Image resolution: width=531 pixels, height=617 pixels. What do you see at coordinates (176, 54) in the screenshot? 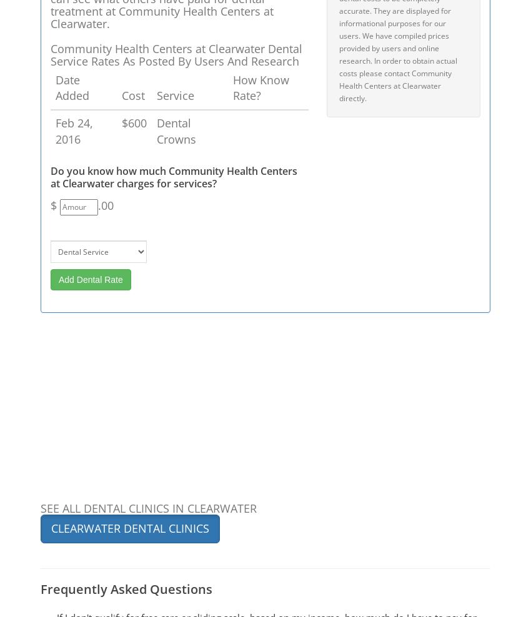
I see `'Community Health Centers at Clearwater Dental Service Rates As Posted By Users And Research'` at bounding box center [176, 54].